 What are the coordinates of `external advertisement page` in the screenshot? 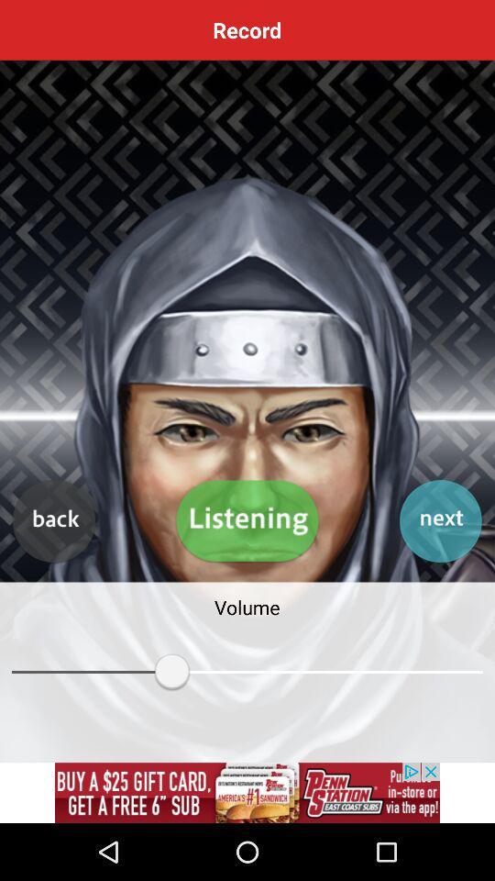 It's located at (247, 792).